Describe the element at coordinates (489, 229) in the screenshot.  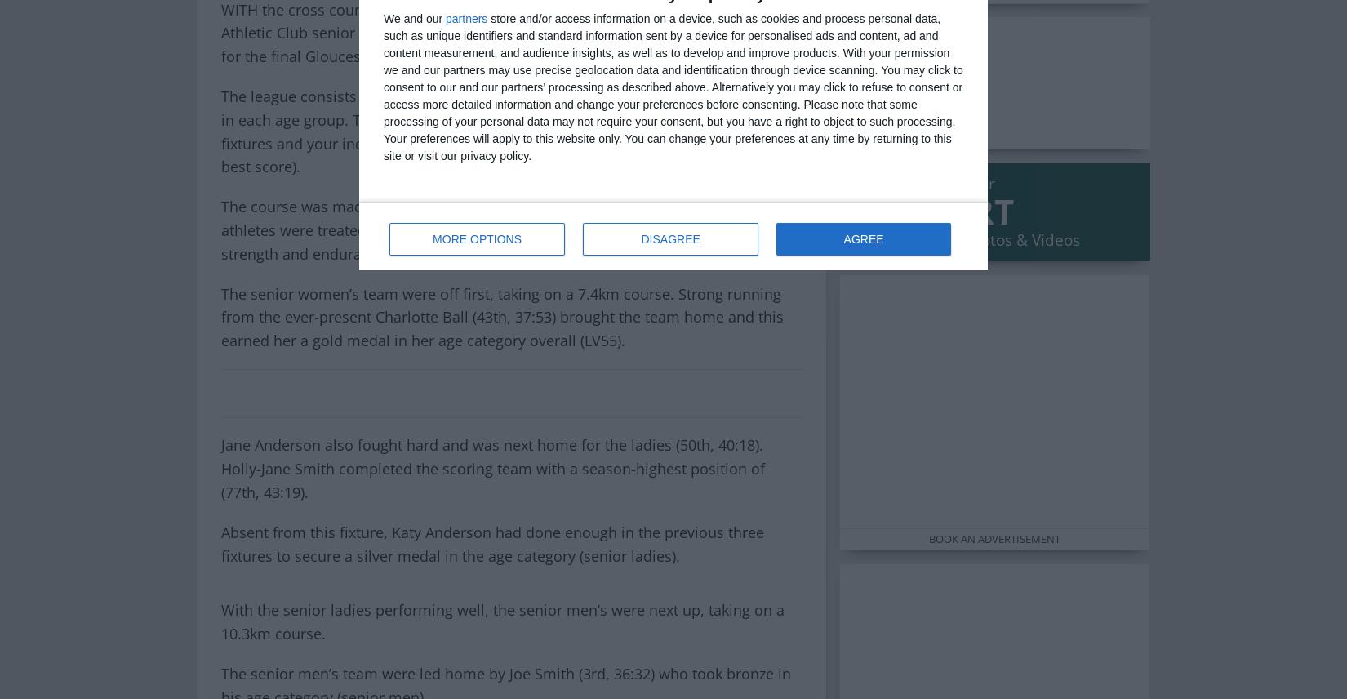
I see `'The course was made up of school playing fields and farmers fields and the athletes were treated to thick and sticky mud, which proved to be a real test of strength and endurance.'` at that location.